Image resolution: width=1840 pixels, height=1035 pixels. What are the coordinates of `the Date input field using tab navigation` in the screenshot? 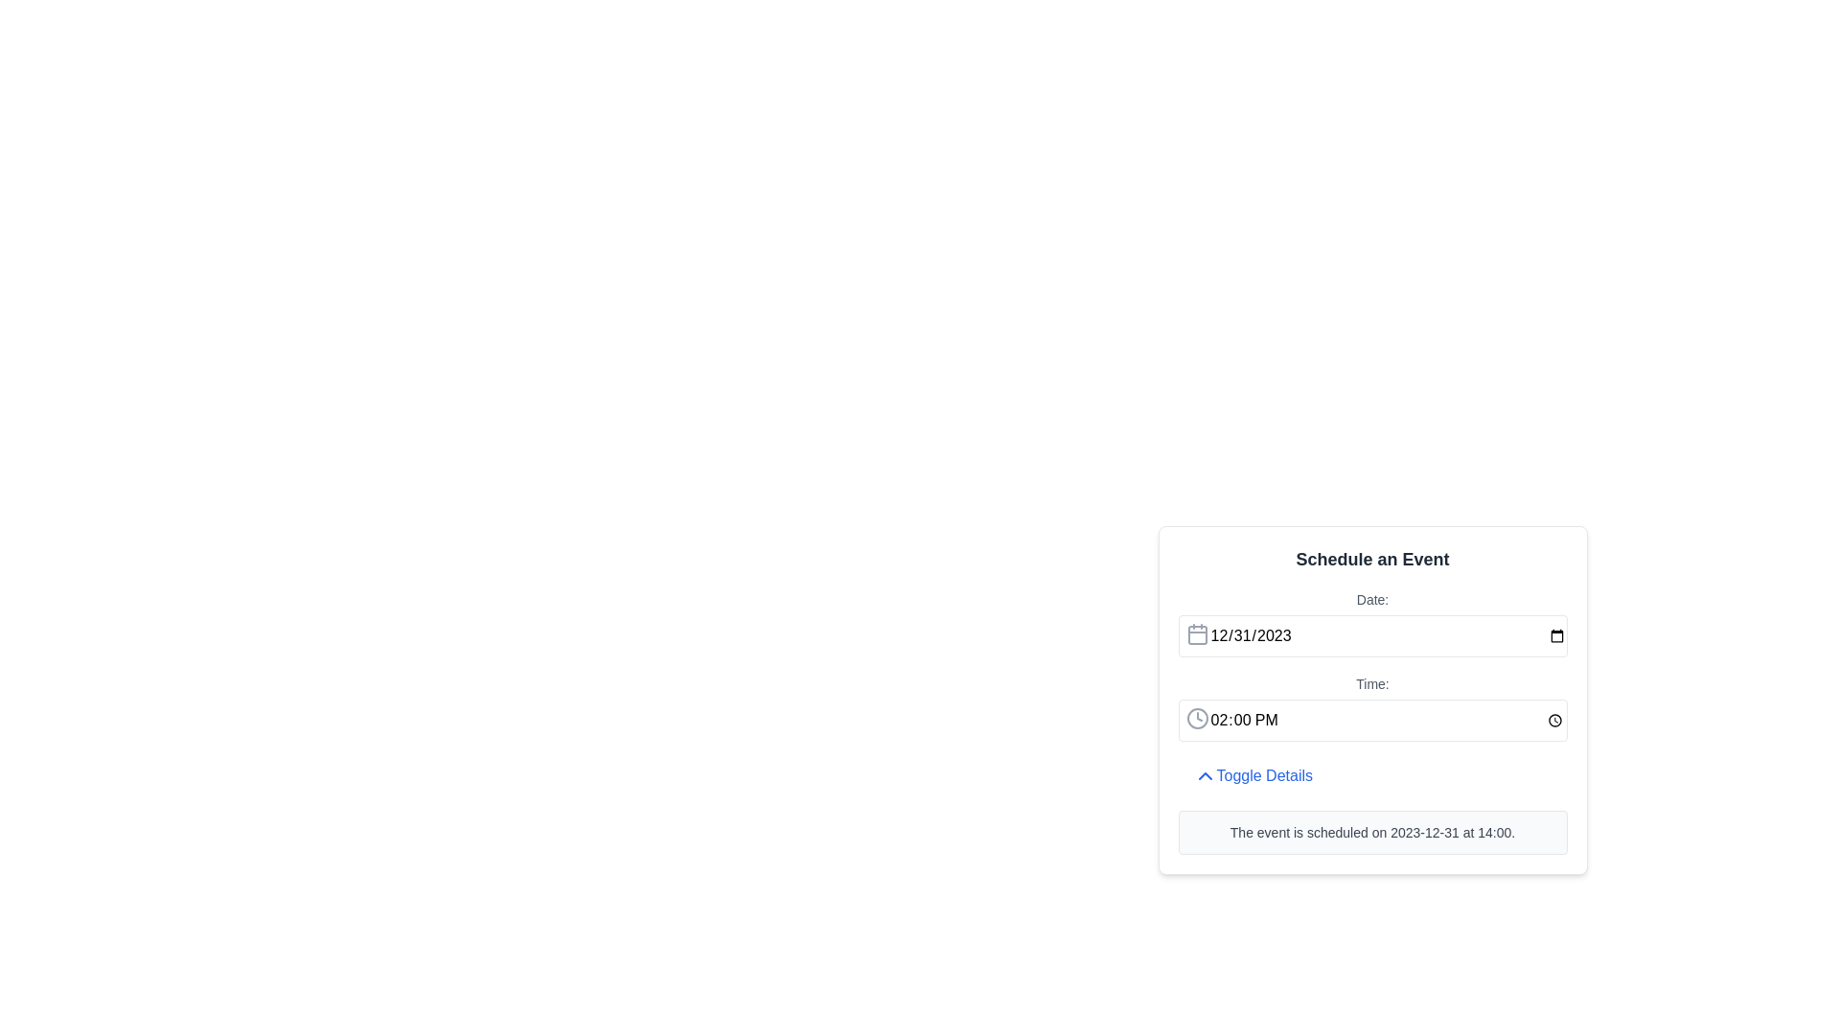 It's located at (1371, 623).